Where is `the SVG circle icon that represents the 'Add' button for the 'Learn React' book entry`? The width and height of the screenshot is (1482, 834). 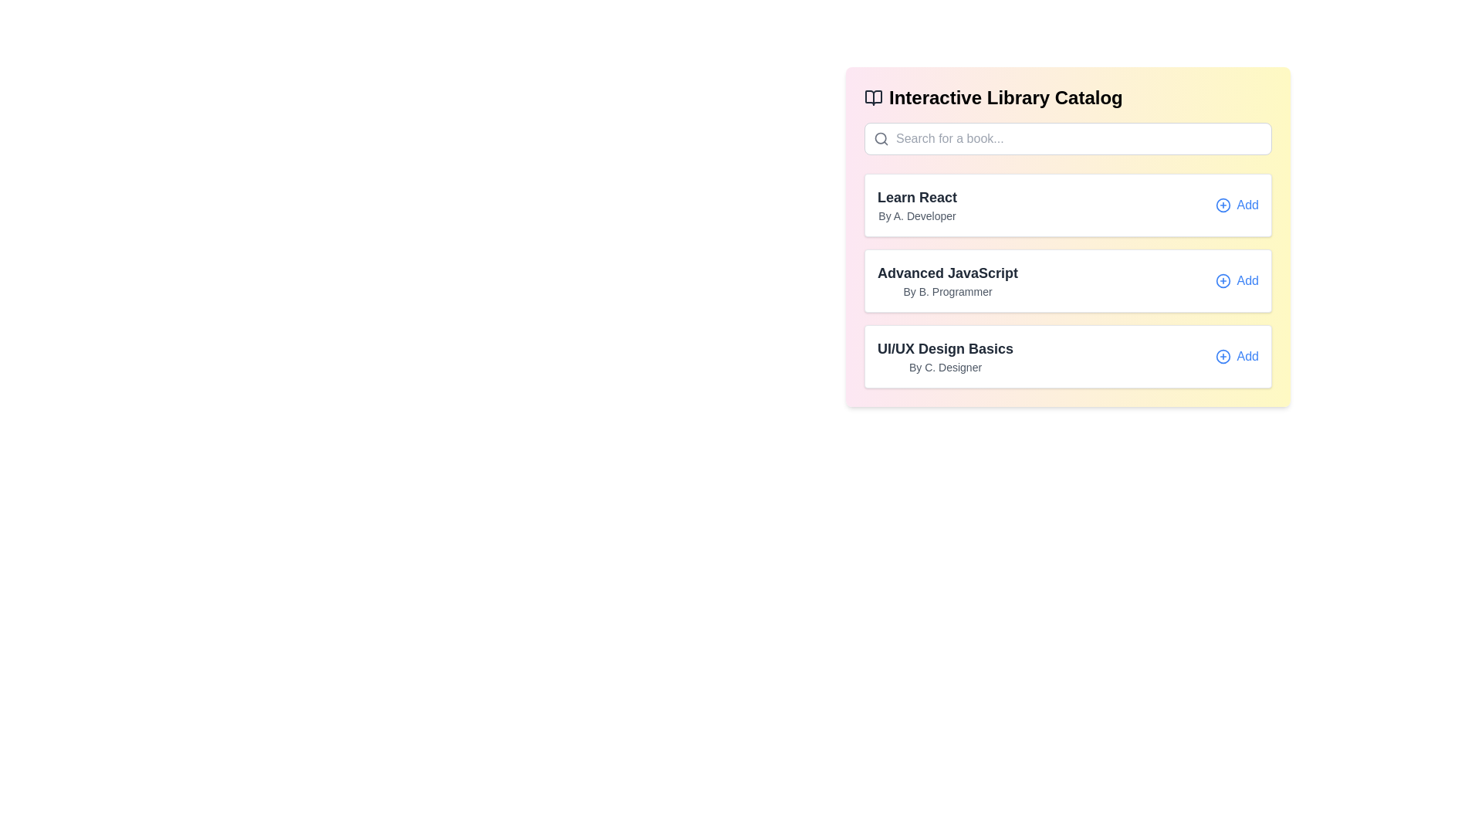
the SVG circle icon that represents the 'Add' button for the 'Learn React' book entry is located at coordinates (1222, 205).